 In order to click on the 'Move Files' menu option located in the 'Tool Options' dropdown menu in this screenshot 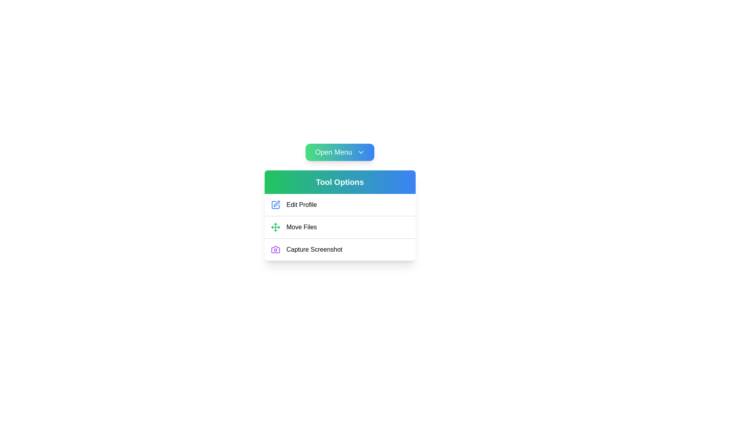, I will do `click(340, 215)`.